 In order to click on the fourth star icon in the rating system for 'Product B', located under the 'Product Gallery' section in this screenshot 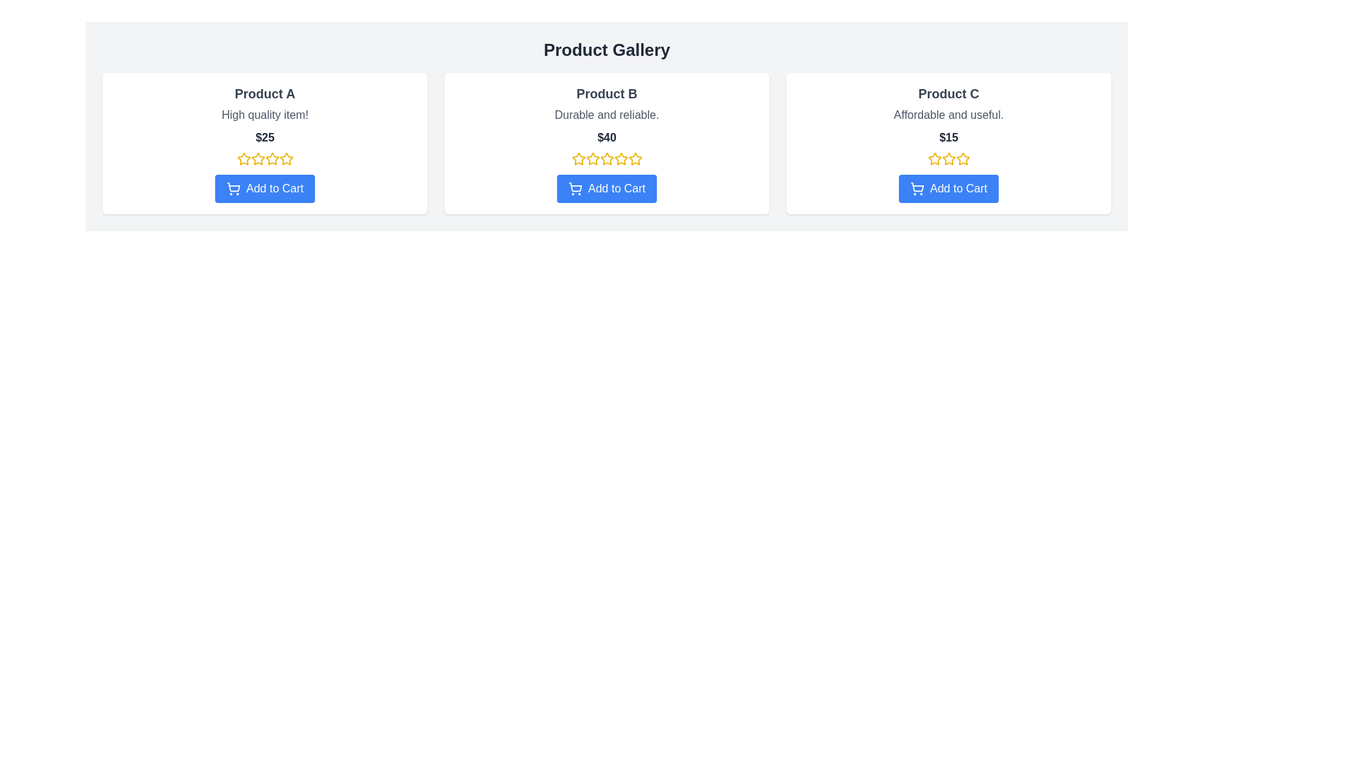, I will do `click(607, 158)`.